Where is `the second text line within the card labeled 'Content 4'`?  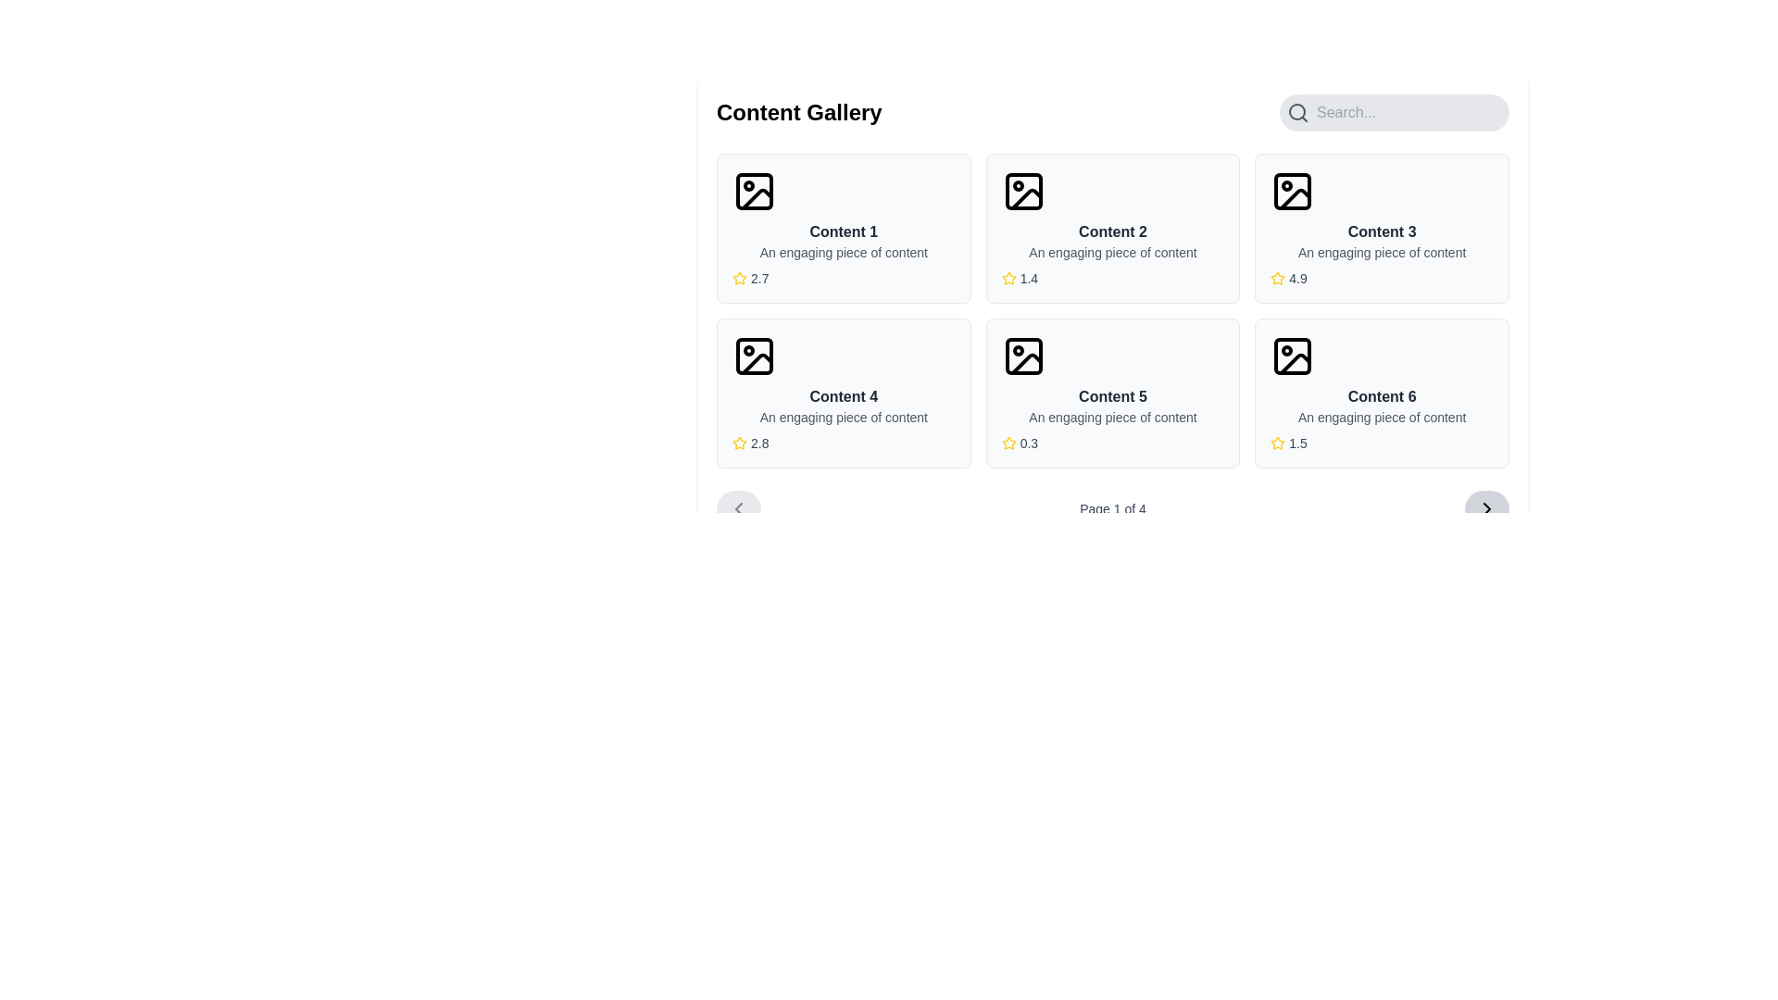 the second text line within the card labeled 'Content 4' is located at coordinates (843, 418).